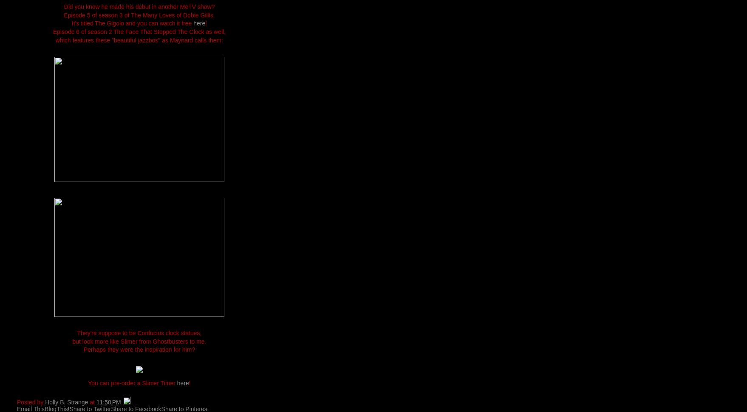 The height and width of the screenshot is (412, 747). What do you see at coordinates (66, 401) in the screenshot?
I see `'Holly B. Strange'` at bounding box center [66, 401].